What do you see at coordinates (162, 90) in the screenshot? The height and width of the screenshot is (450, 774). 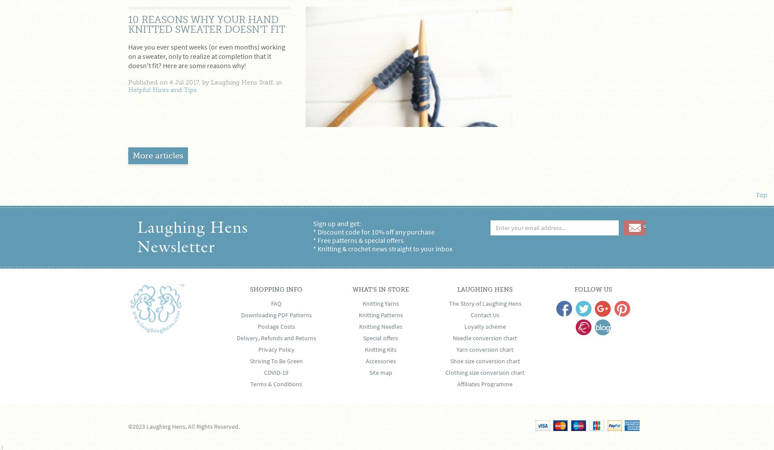 I see `'Helpful Hints and Tips'` at bounding box center [162, 90].